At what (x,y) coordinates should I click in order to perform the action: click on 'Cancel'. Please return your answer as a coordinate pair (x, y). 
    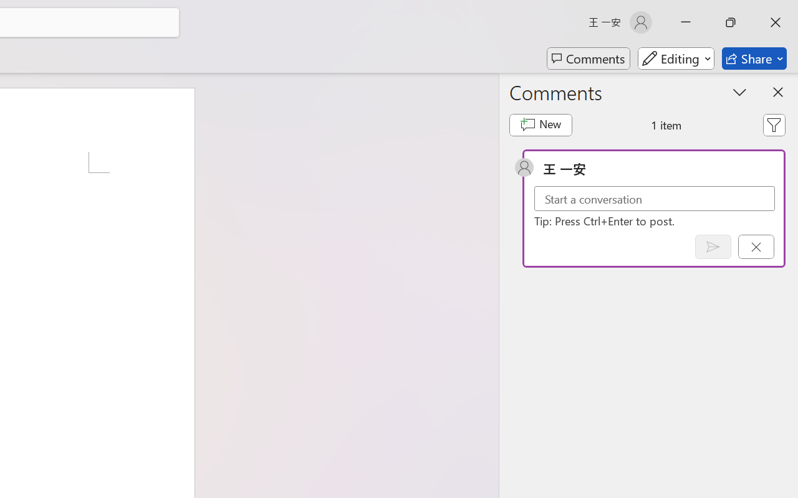
    Looking at the image, I should click on (755, 246).